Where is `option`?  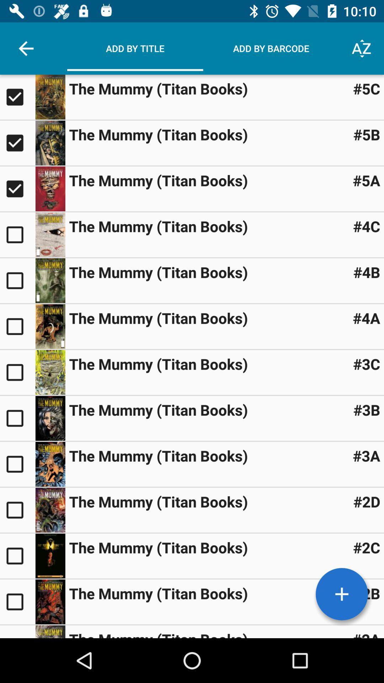
option is located at coordinates (17, 97).